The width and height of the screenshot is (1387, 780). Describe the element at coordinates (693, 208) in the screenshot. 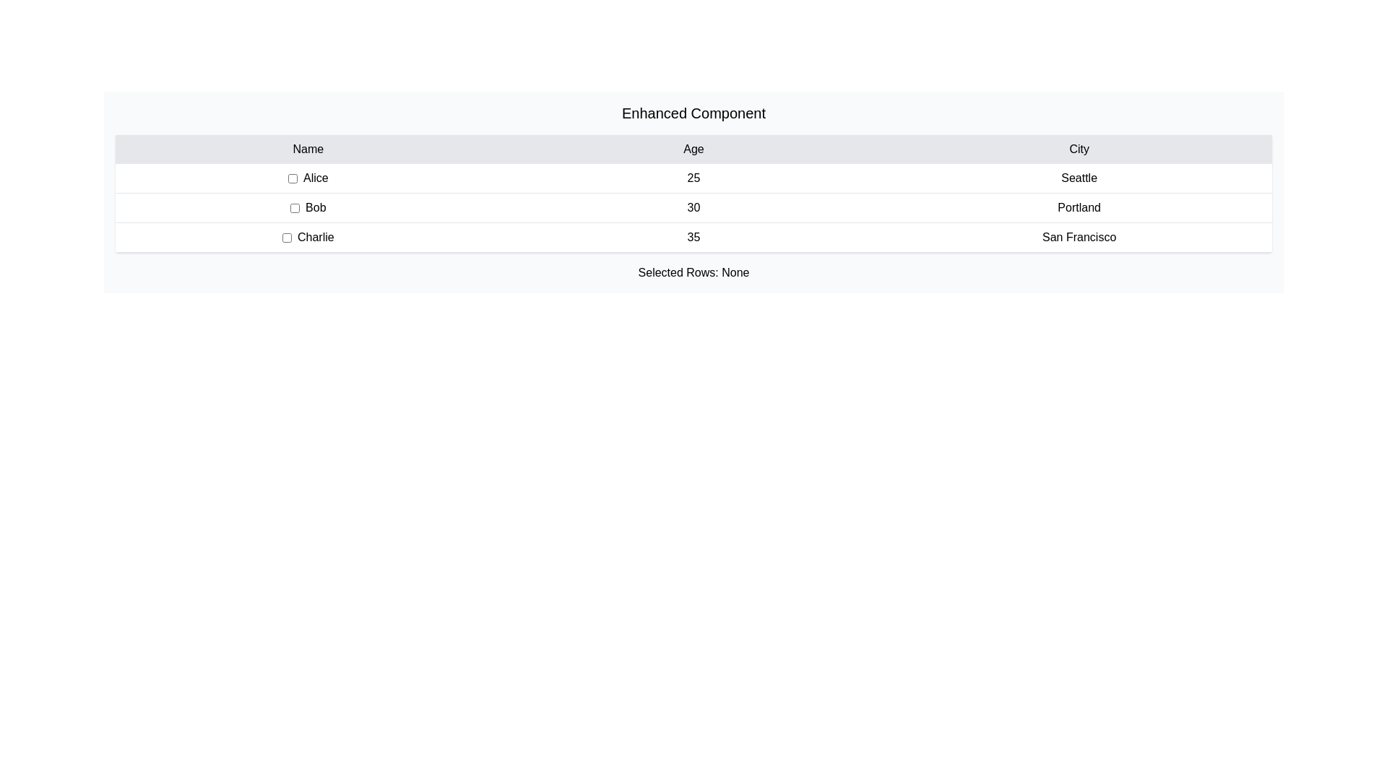

I see `the text label displaying the number '30' in bold format, which is located in the second row under the 'Age' column of the table` at that location.